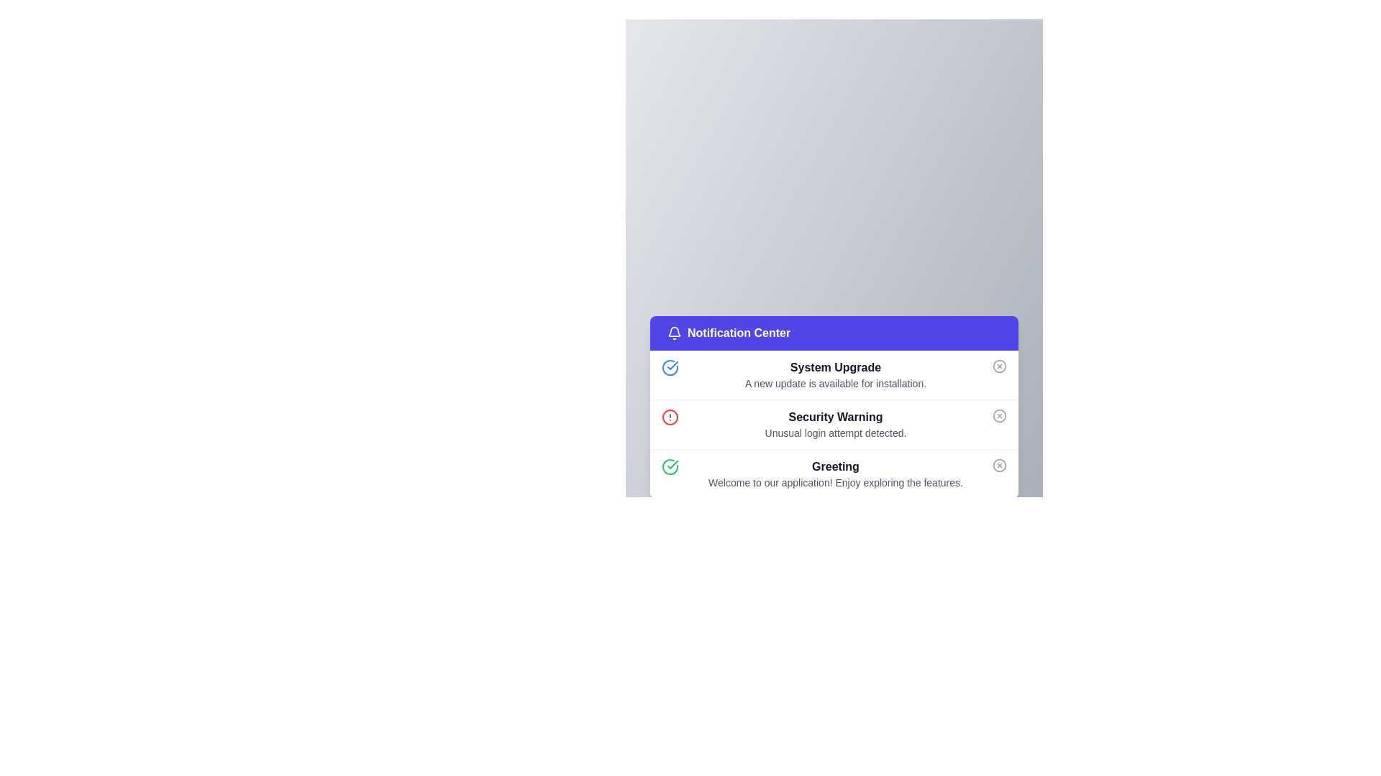  What do you see at coordinates (835, 382) in the screenshot?
I see `the text element that reads 'A new update is available for installation.' which is styled with a smaller font size and light gray color, located below the heading 'System Upgrade' in the notification interface` at bounding box center [835, 382].